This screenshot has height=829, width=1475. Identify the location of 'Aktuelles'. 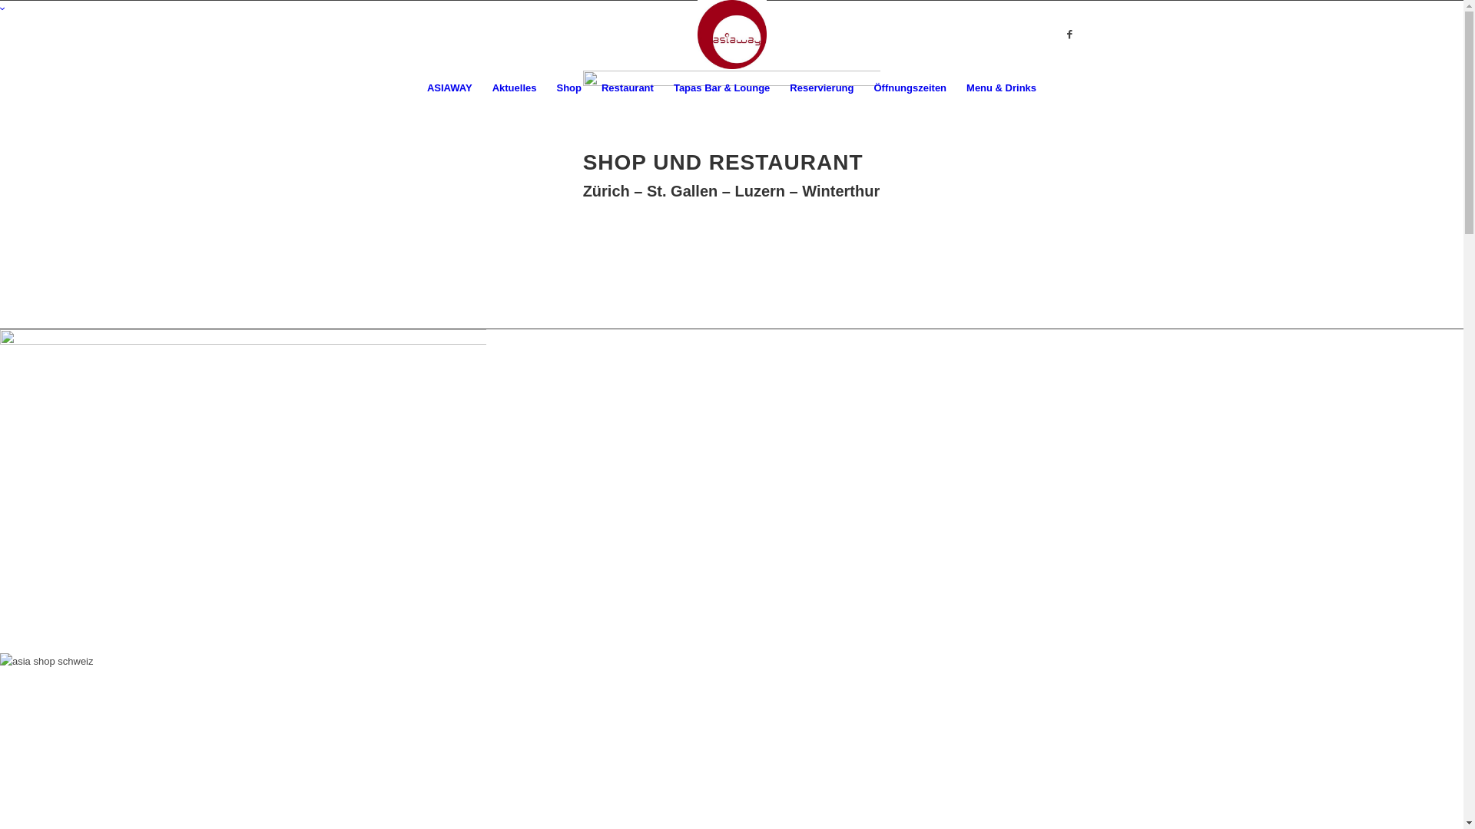
(515, 88).